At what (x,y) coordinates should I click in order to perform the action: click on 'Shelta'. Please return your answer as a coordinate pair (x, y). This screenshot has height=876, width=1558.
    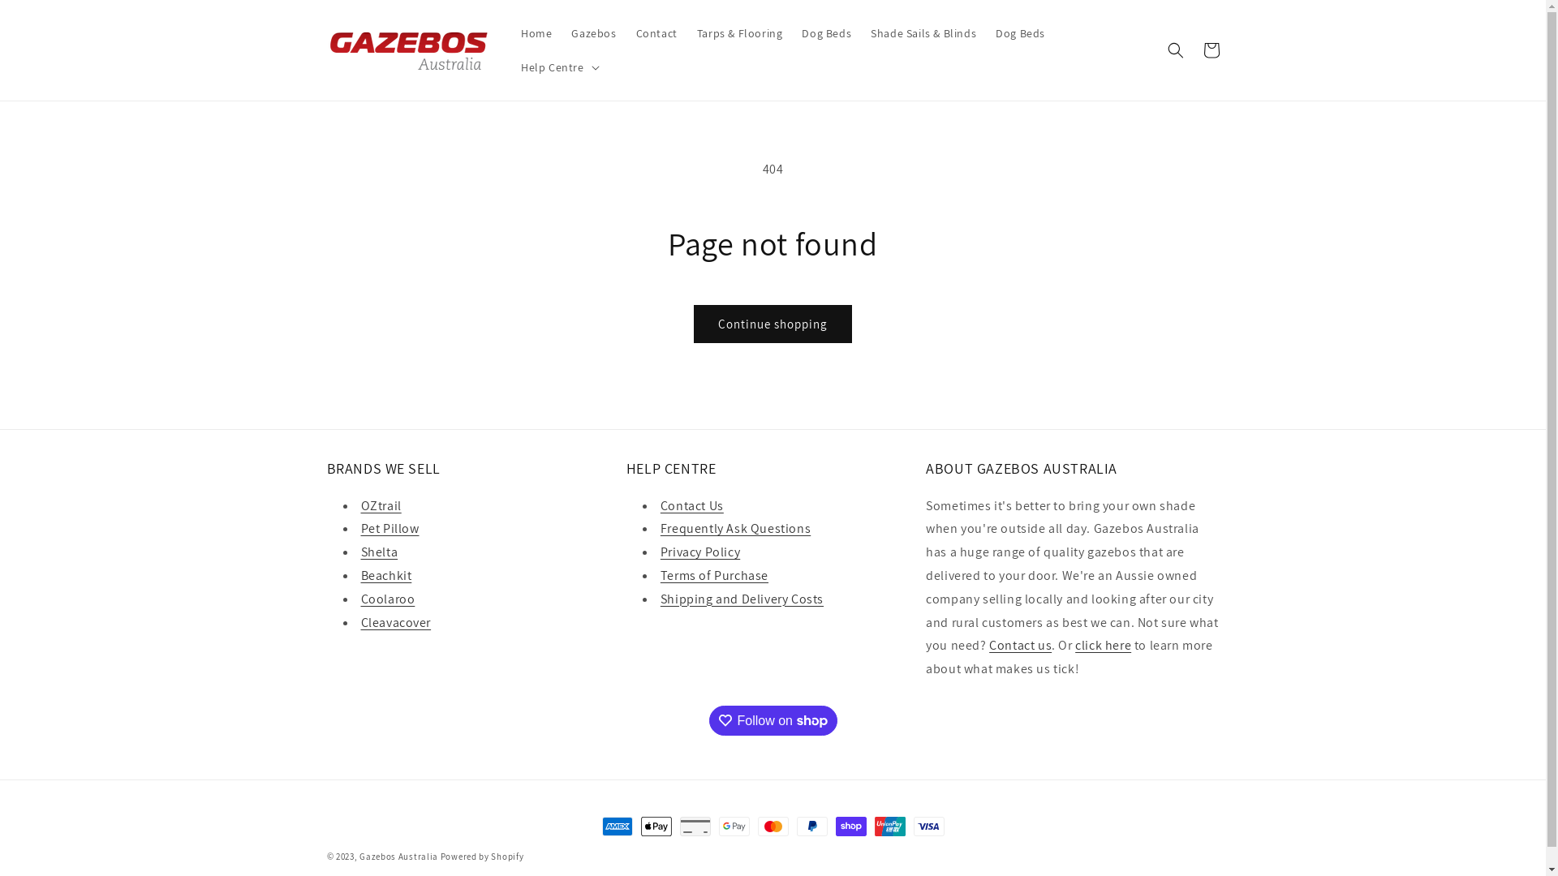
    Looking at the image, I should click on (377, 551).